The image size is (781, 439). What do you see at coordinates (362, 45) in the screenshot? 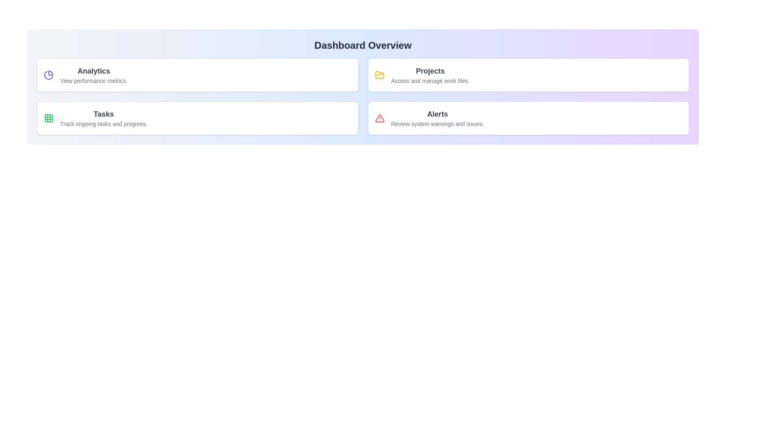
I see `the 'Dashboard Overview' title` at bounding box center [362, 45].